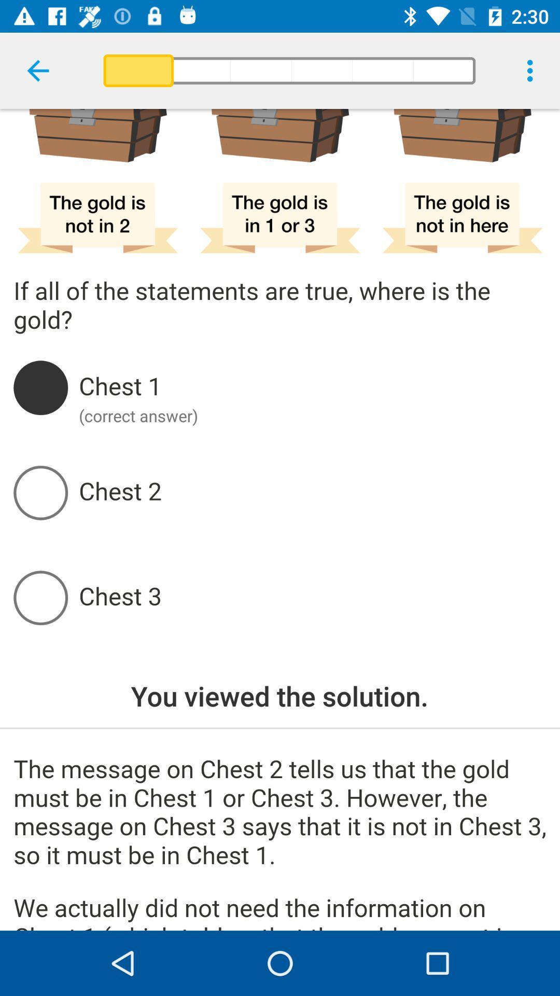  Describe the element at coordinates (312, 387) in the screenshot. I see `chest 1` at that location.